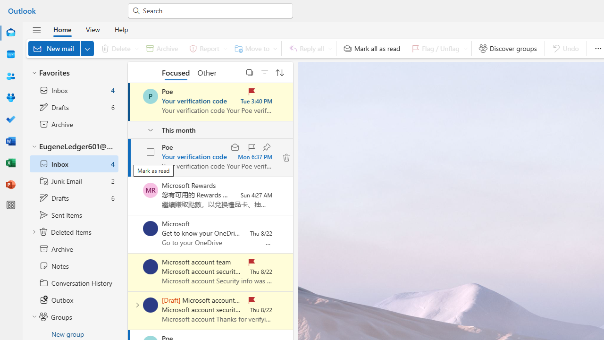 Image resolution: width=604 pixels, height=340 pixels. What do you see at coordinates (285, 157) in the screenshot?
I see `'Class: KBPxt hn2lg'` at bounding box center [285, 157].